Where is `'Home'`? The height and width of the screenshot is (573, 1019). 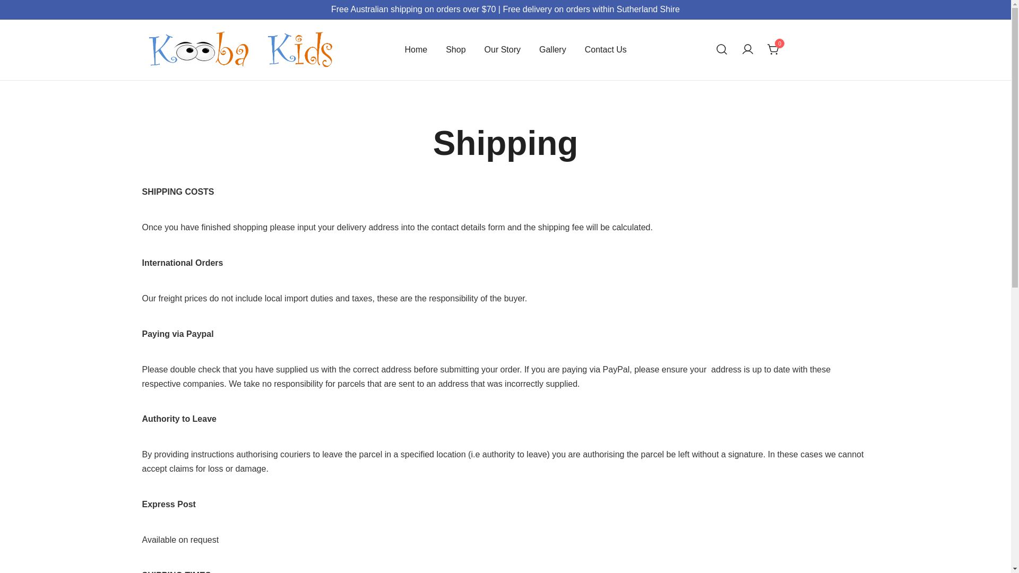
'Home' is located at coordinates (415, 50).